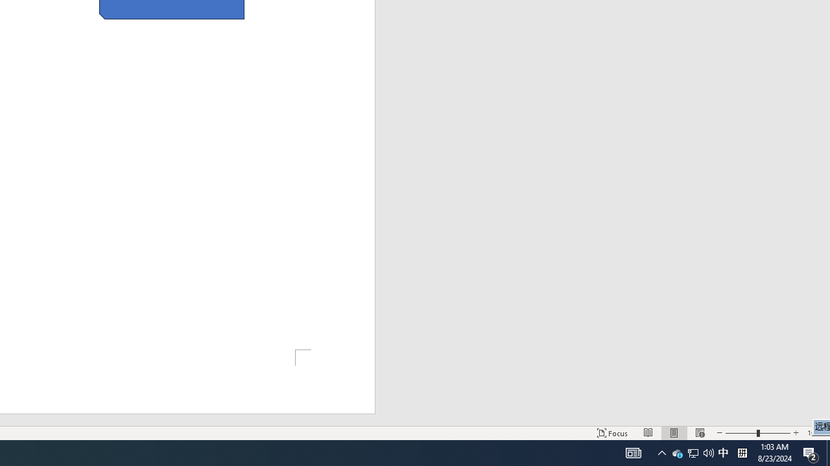 The width and height of the screenshot is (830, 466). I want to click on 'Zoom 104%', so click(815, 433).